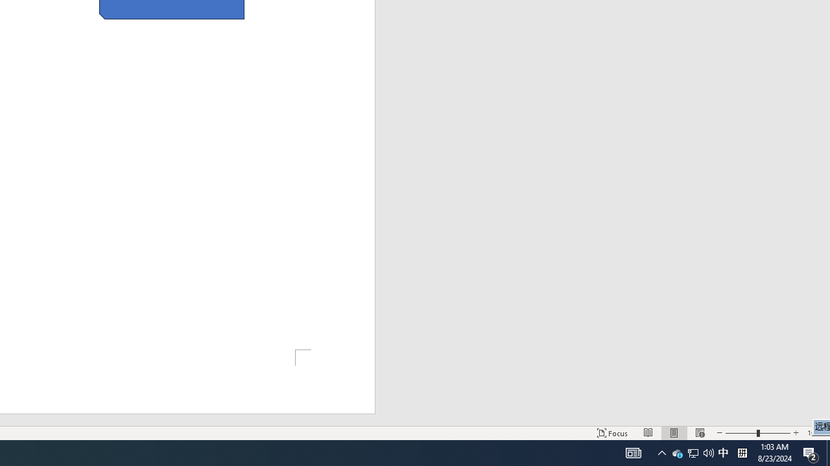 The width and height of the screenshot is (830, 466). I want to click on 'Zoom 104%', so click(815, 433).